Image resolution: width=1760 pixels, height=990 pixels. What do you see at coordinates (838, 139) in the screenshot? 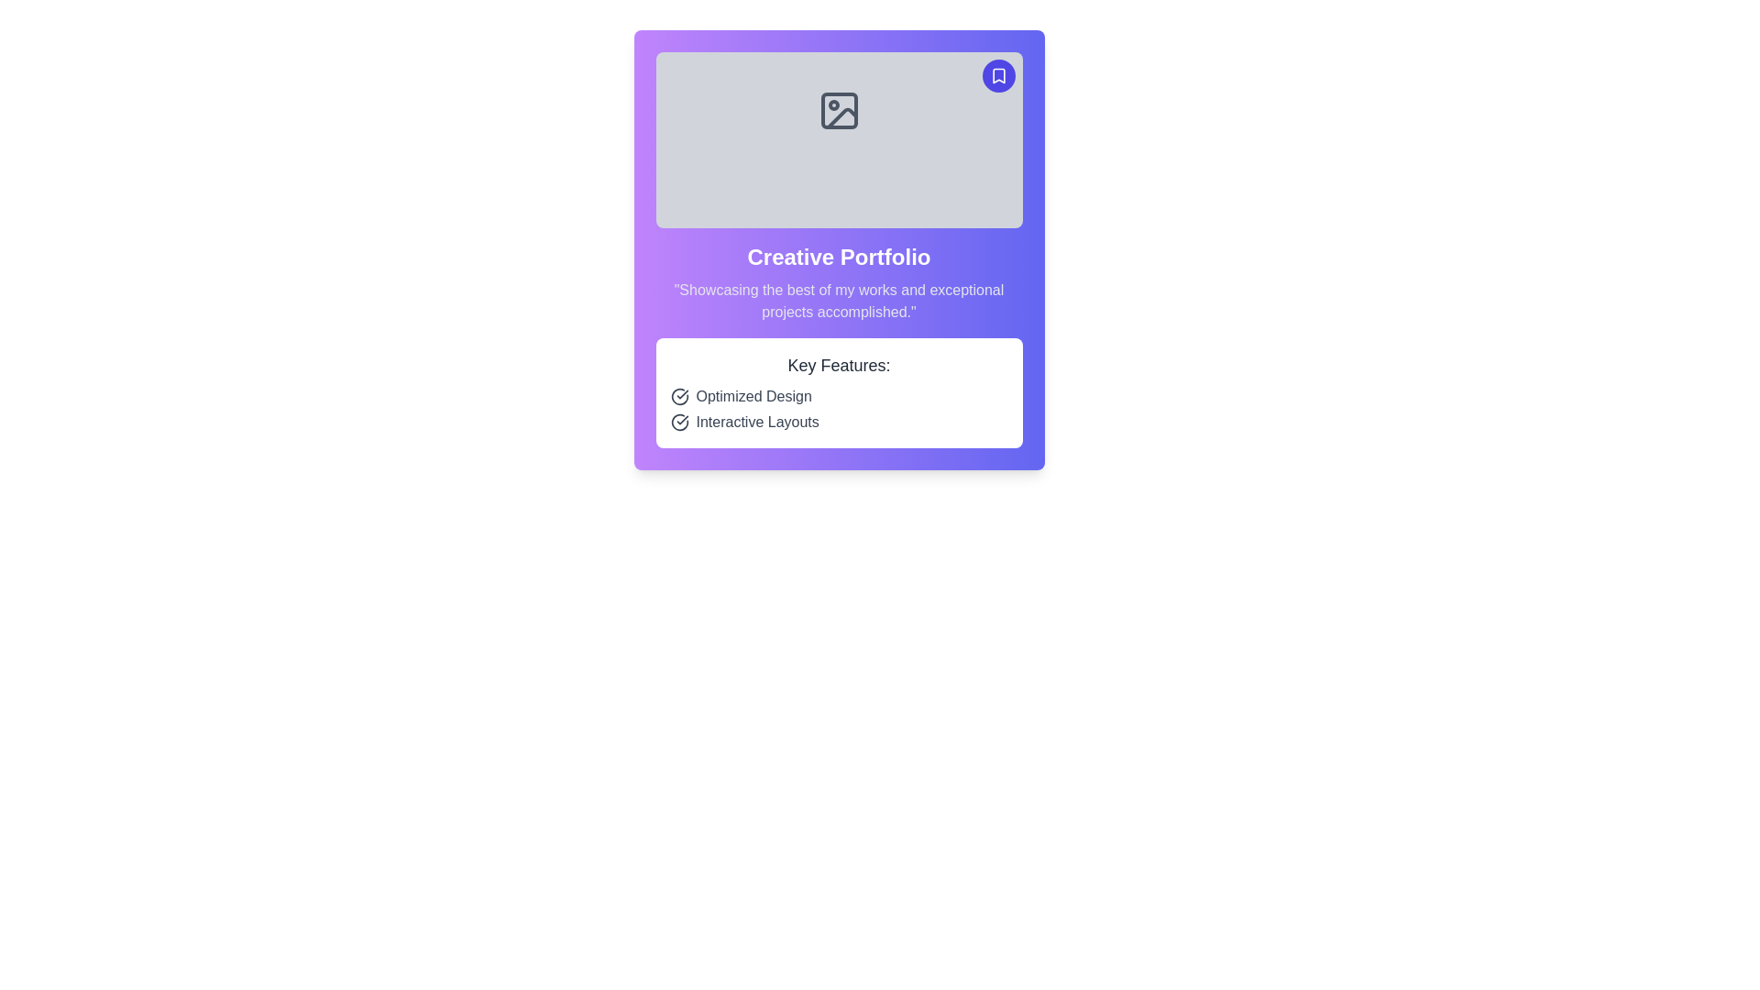
I see `the Image Placeholder element, which is centrally located in the upper half of the card layout and spans edge-to-edge horizontally above the 'Creative Portfolio' section` at bounding box center [838, 139].